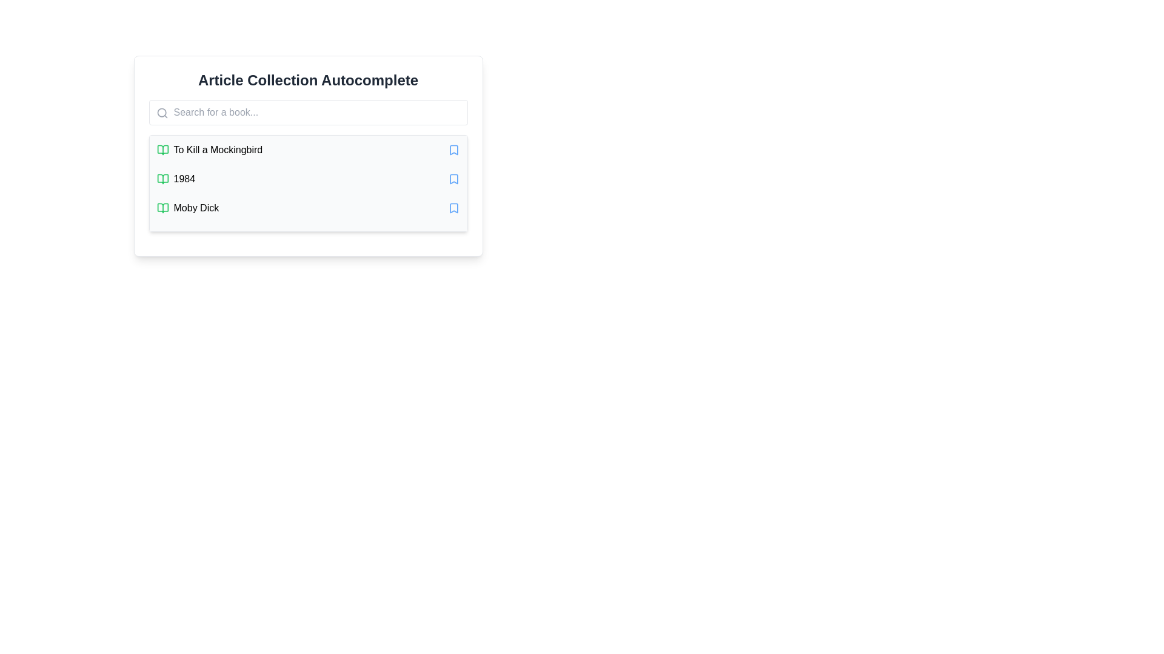 The image size is (1164, 654). Describe the element at coordinates (308, 149) in the screenshot. I see `the first row in the autocomplete dropdown list that allows selection of the book titled 'To Kill a Mockingbird'` at that location.